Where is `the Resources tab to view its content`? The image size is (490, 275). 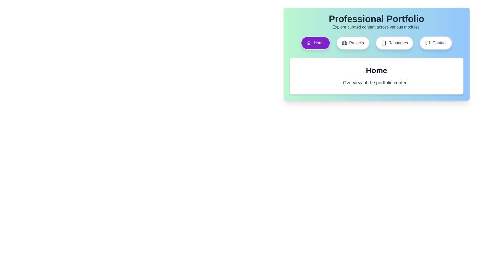 the Resources tab to view its content is located at coordinates (394, 43).